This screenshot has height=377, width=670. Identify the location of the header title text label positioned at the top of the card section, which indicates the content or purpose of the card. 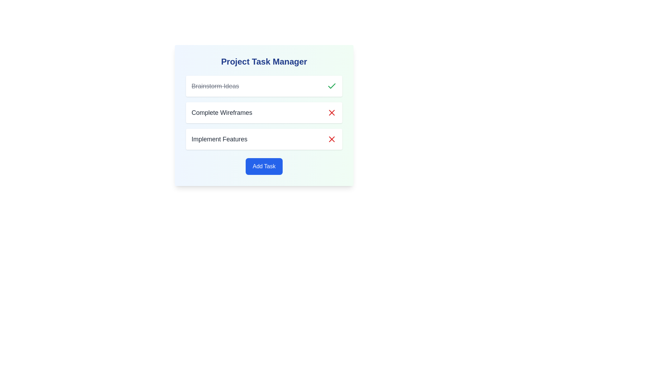
(264, 61).